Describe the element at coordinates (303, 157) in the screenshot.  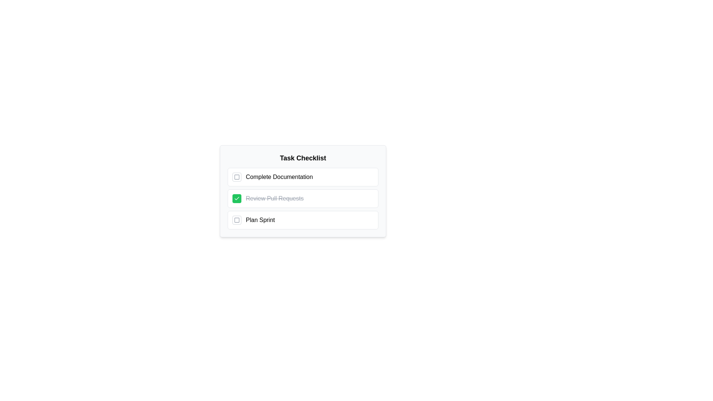
I see `the 'Task Checklist' label, which is a bold text element located at the top section of the checklist UI component` at that location.